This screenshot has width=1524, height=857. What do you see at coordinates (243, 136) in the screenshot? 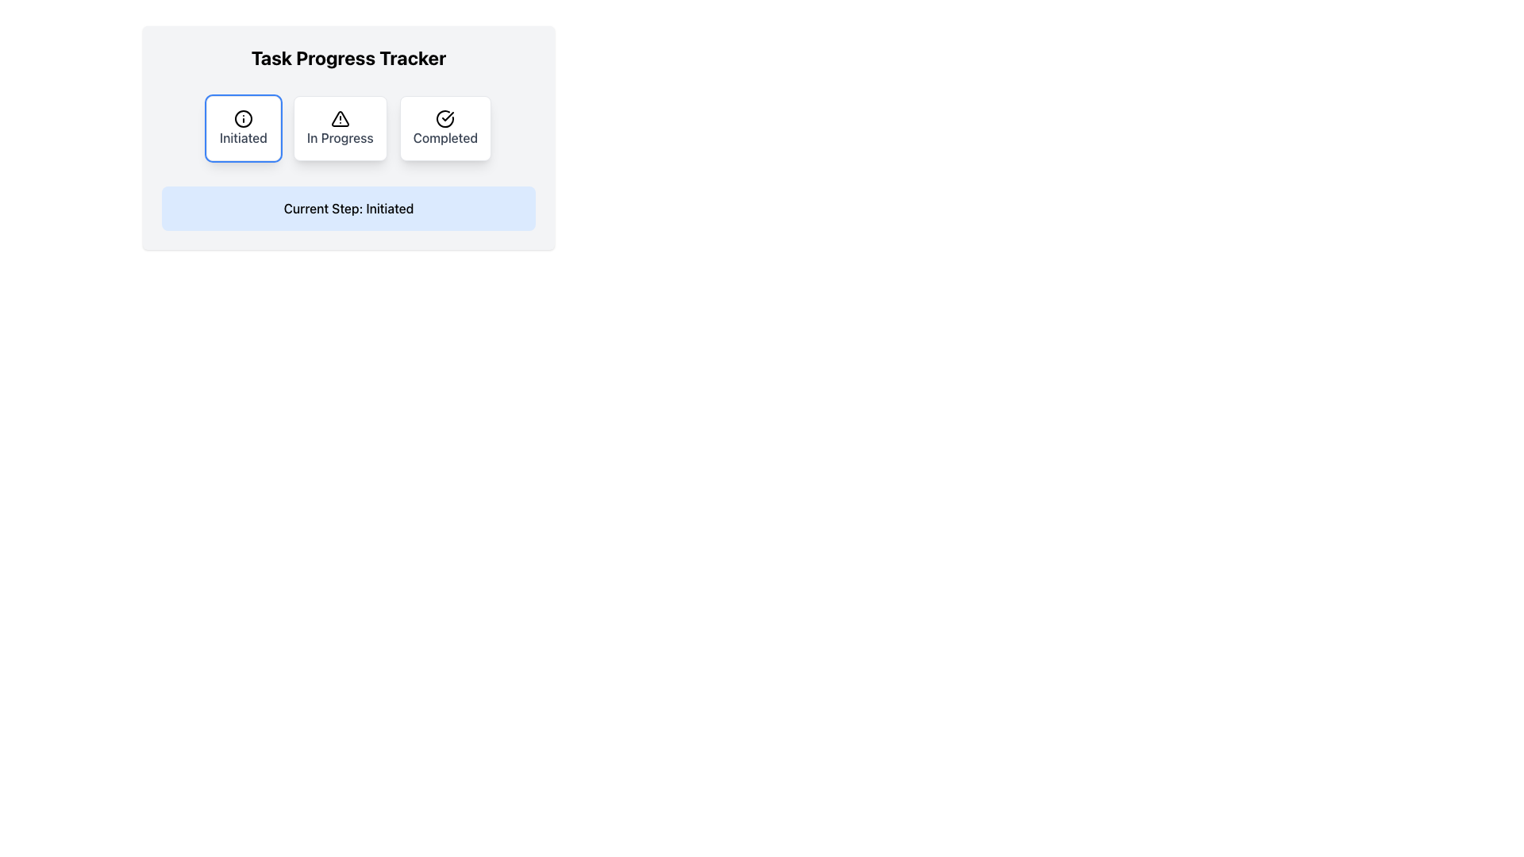
I see `the label for the button indicating the 'Initiated' state in the task progress tracker, located within the first button at the top of the interface` at bounding box center [243, 136].